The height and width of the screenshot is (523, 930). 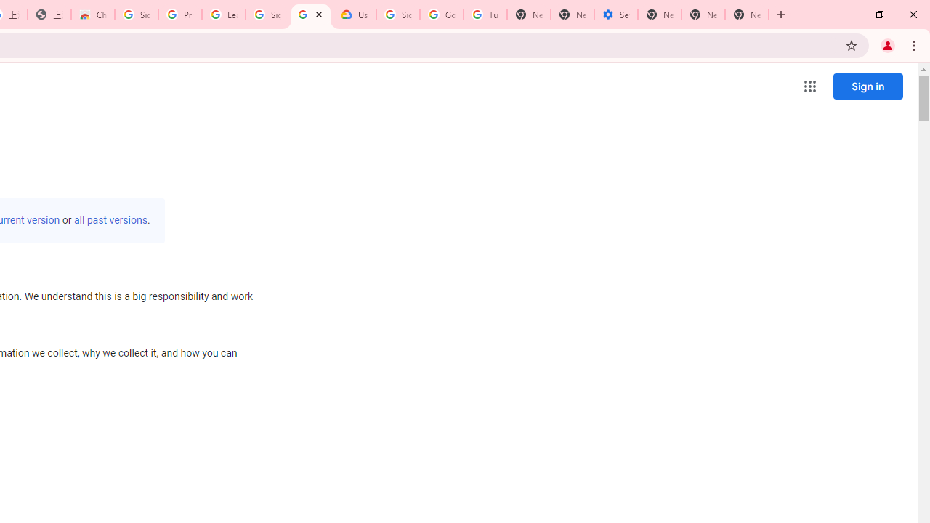 What do you see at coordinates (136, 15) in the screenshot?
I see `'Sign in - Google Accounts'` at bounding box center [136, 15].